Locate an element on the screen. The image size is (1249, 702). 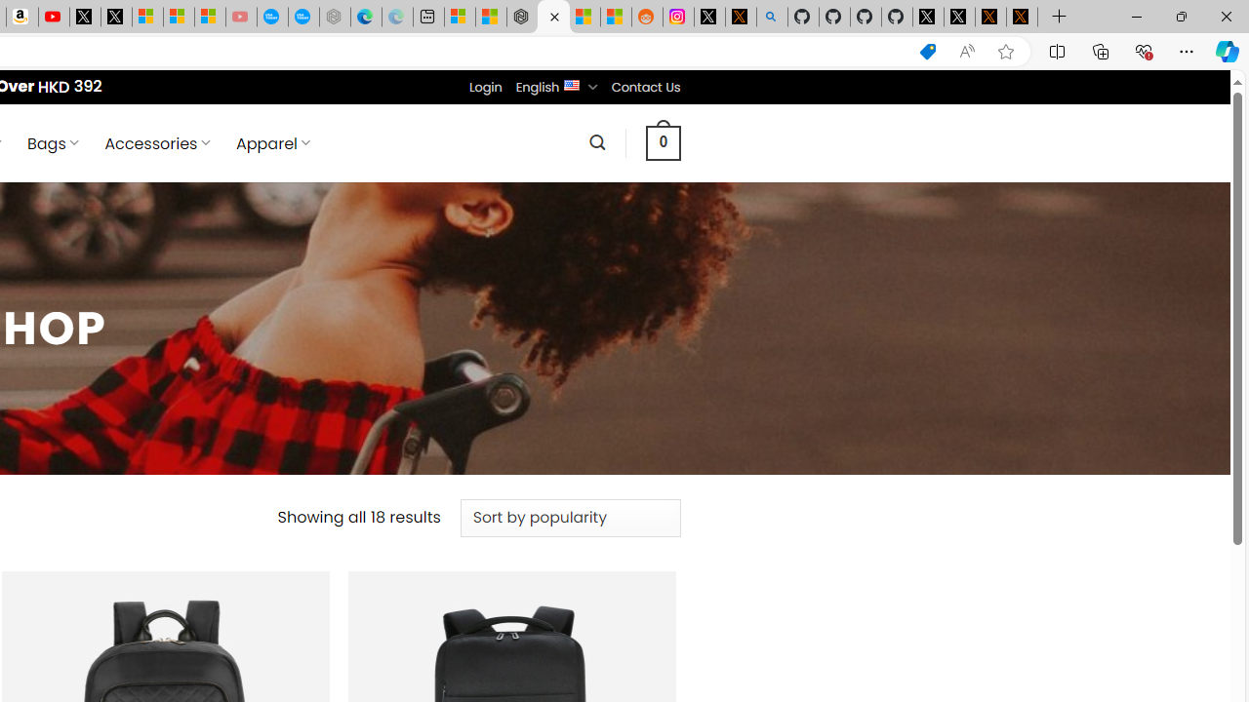
'Nordace - Best Sellers' is located at coordinates (522, 17).